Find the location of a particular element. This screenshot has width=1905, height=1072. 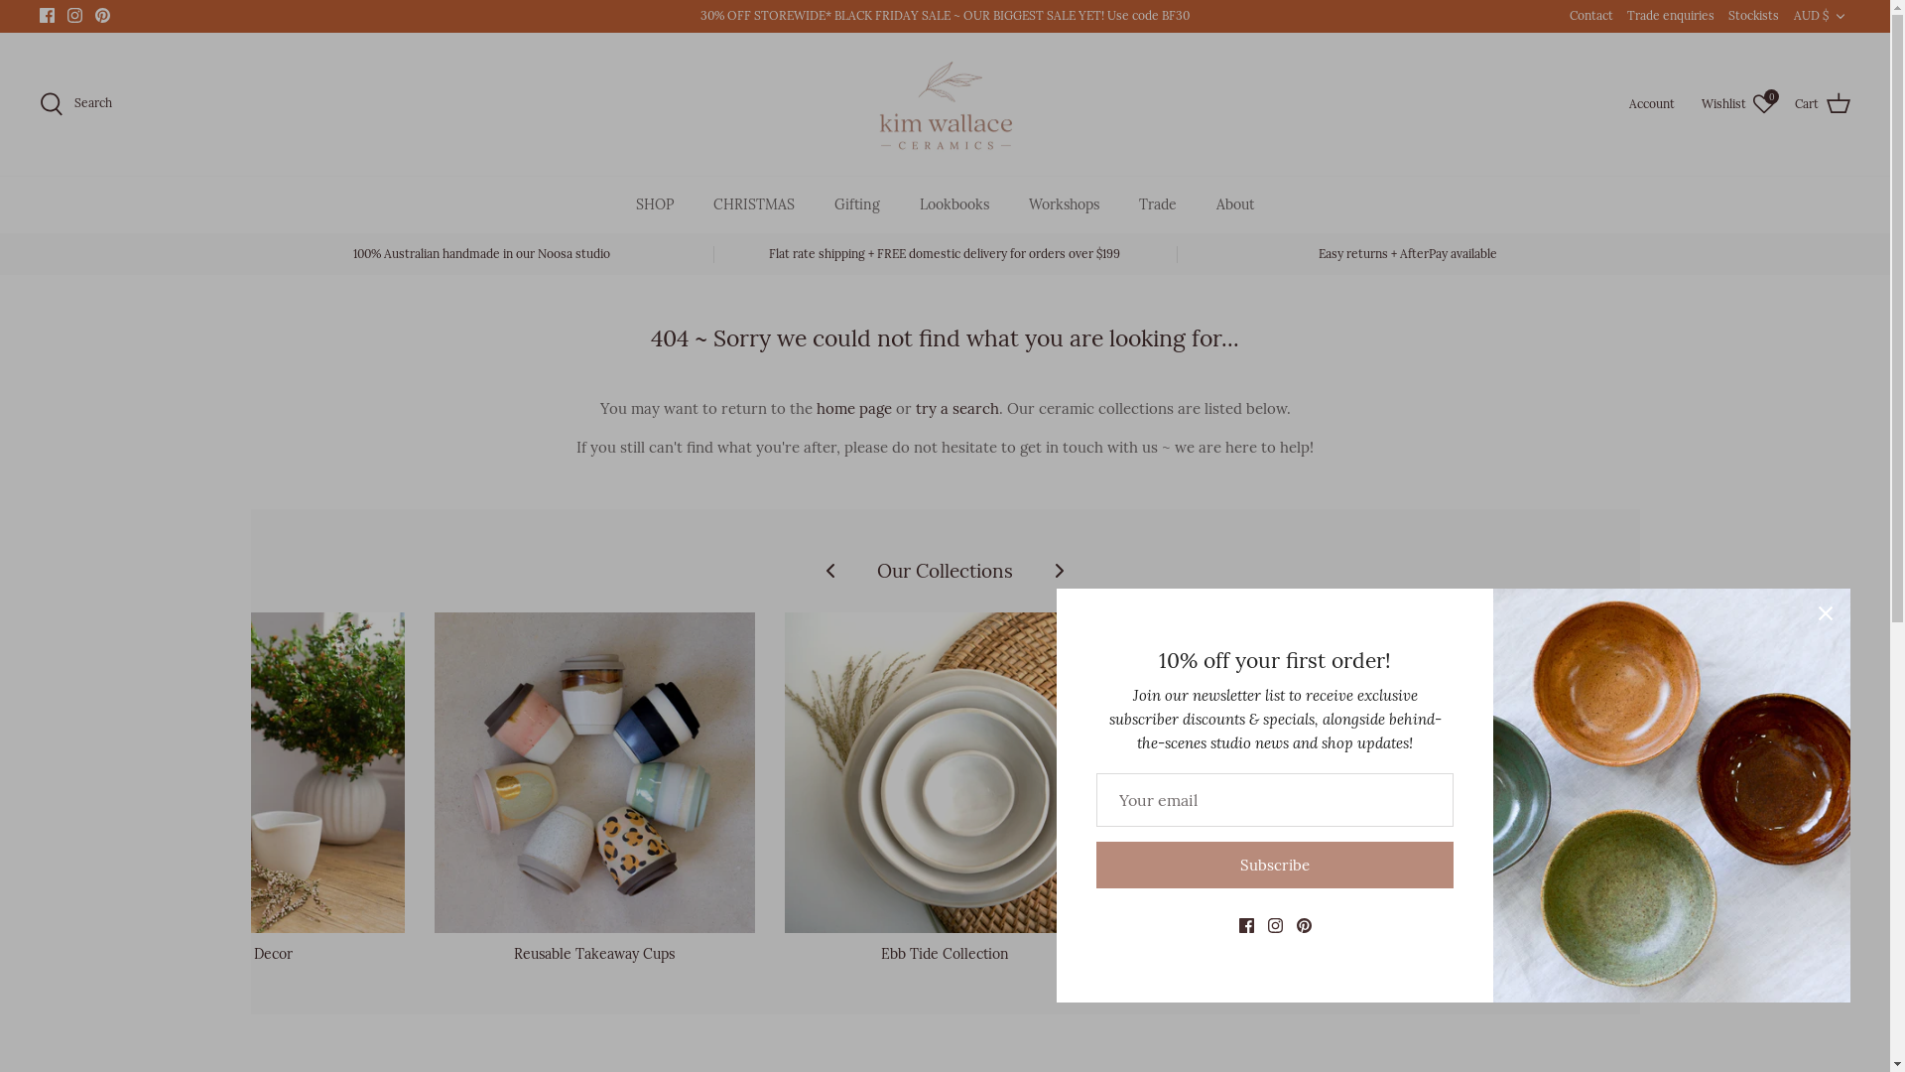

'Vintage Lace Collection' is located at coordinates (1646, 787).